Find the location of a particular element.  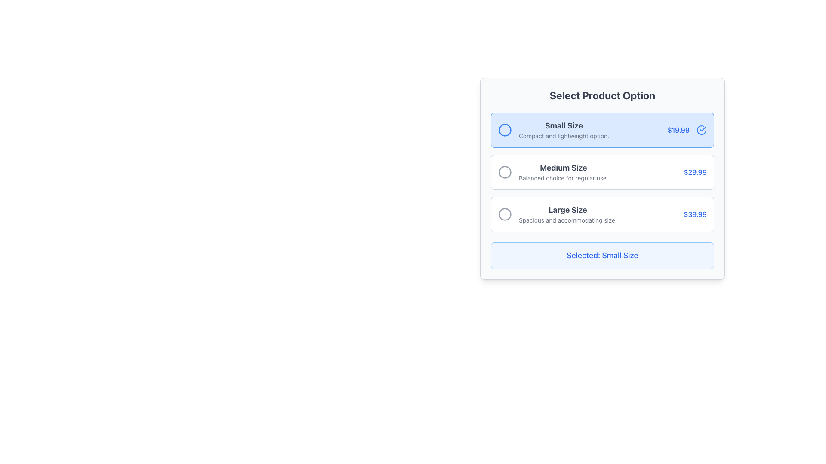

the header text label that reads 'Select Product Option', which is styled with a bold font and centered alignment, located at the top of a card-like section is located at coordinates (602, 95).